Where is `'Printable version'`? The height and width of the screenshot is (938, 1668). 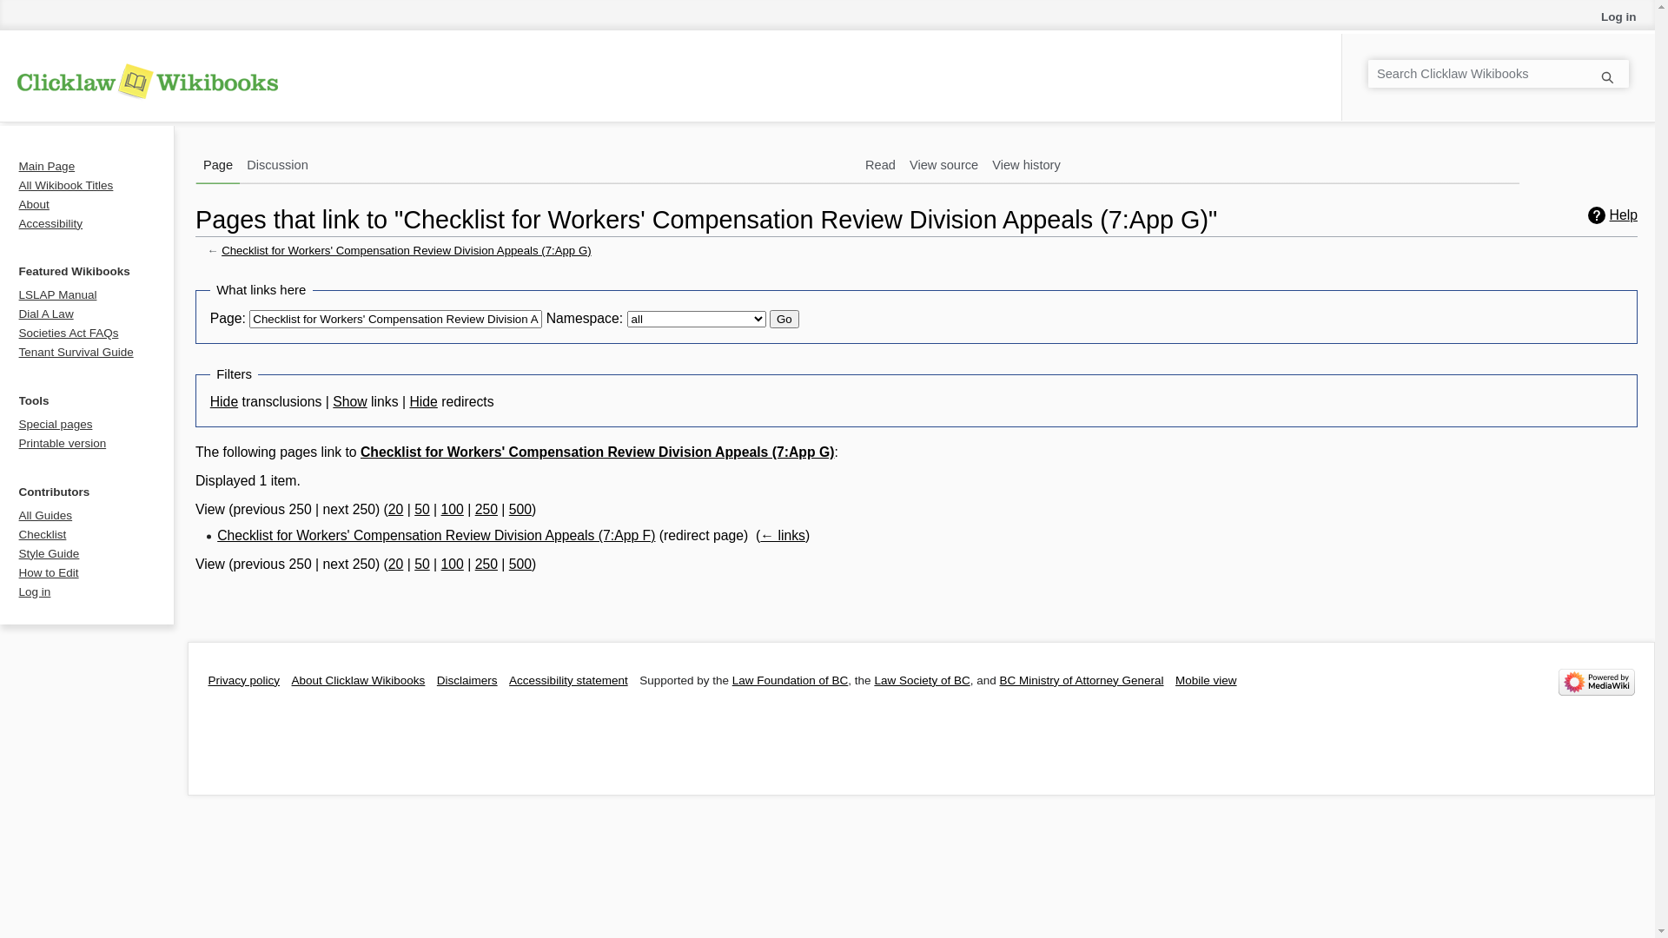 'Printable version' is located at coordinates (19, 442).